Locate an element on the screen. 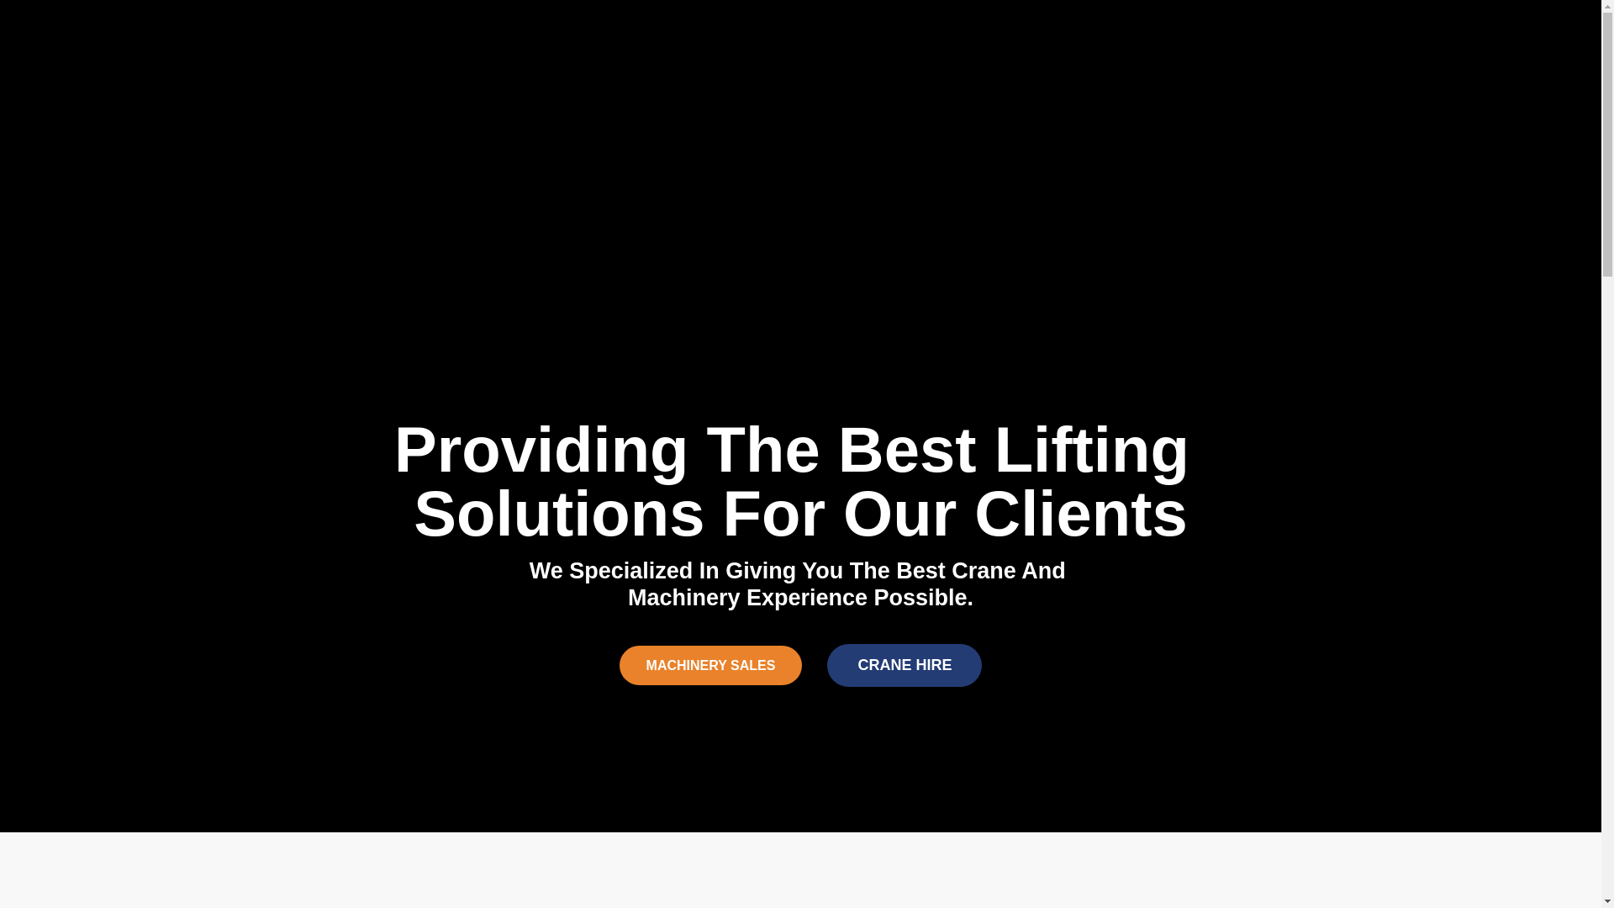  'MACHINERY SALES' is located at coordinates (710, 664).